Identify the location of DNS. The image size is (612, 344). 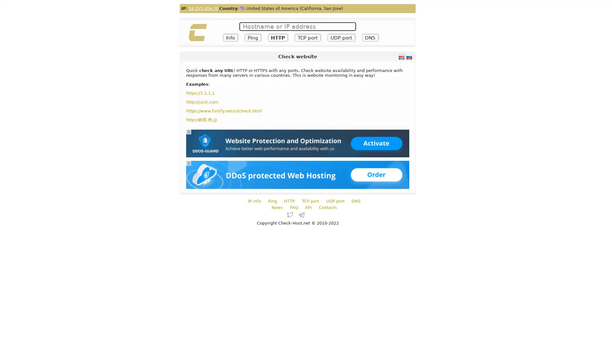
(370, 38).